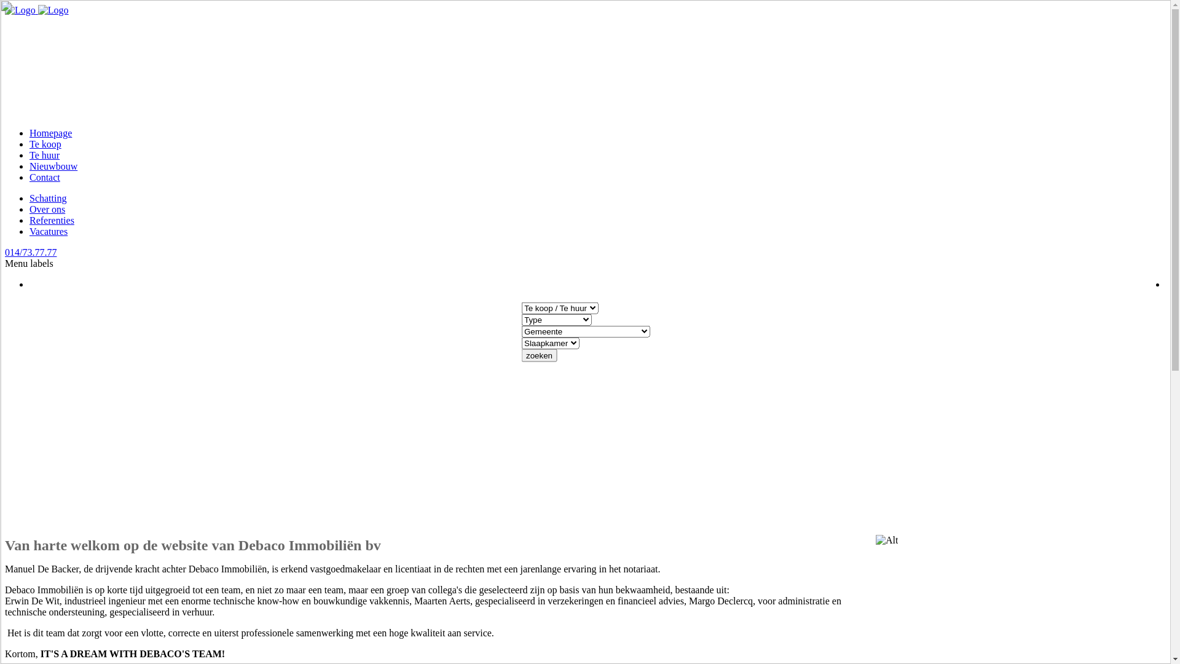  I want to click on 'zoeken', so click(539, 355).